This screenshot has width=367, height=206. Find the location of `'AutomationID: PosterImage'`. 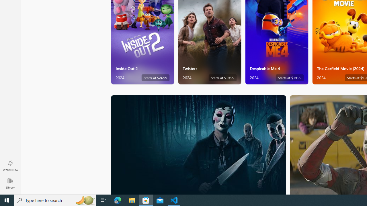

'AutomationID: PosterImage' is located at coordinates (198, 144).